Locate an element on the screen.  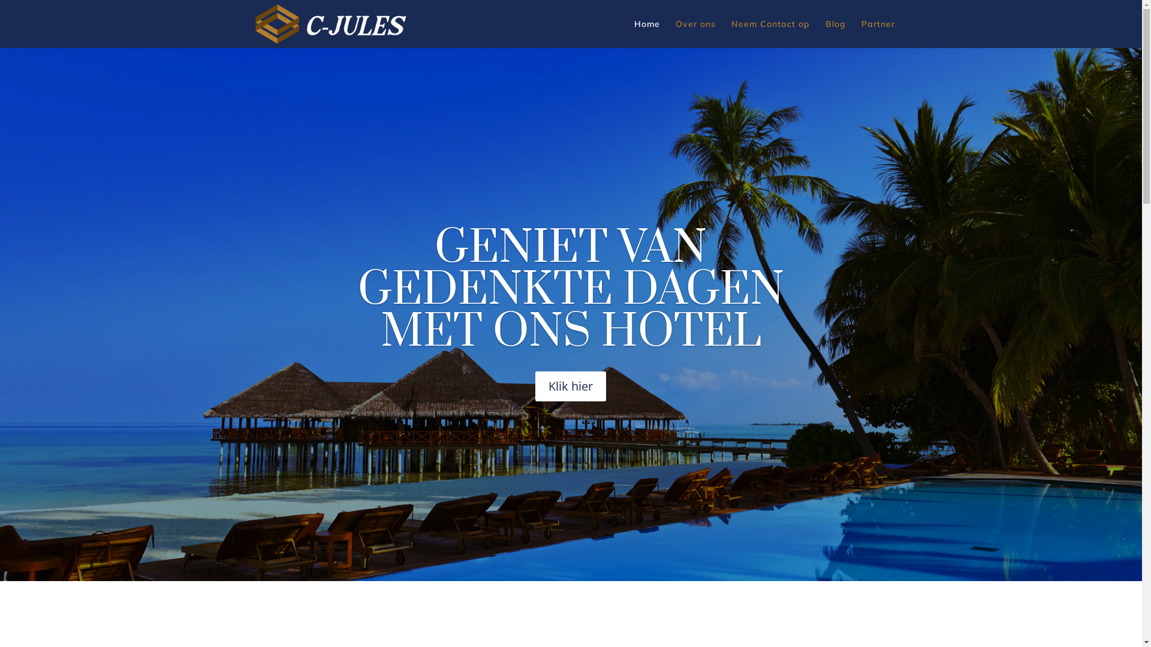
'Blog' is located at coordinates (824, 33).